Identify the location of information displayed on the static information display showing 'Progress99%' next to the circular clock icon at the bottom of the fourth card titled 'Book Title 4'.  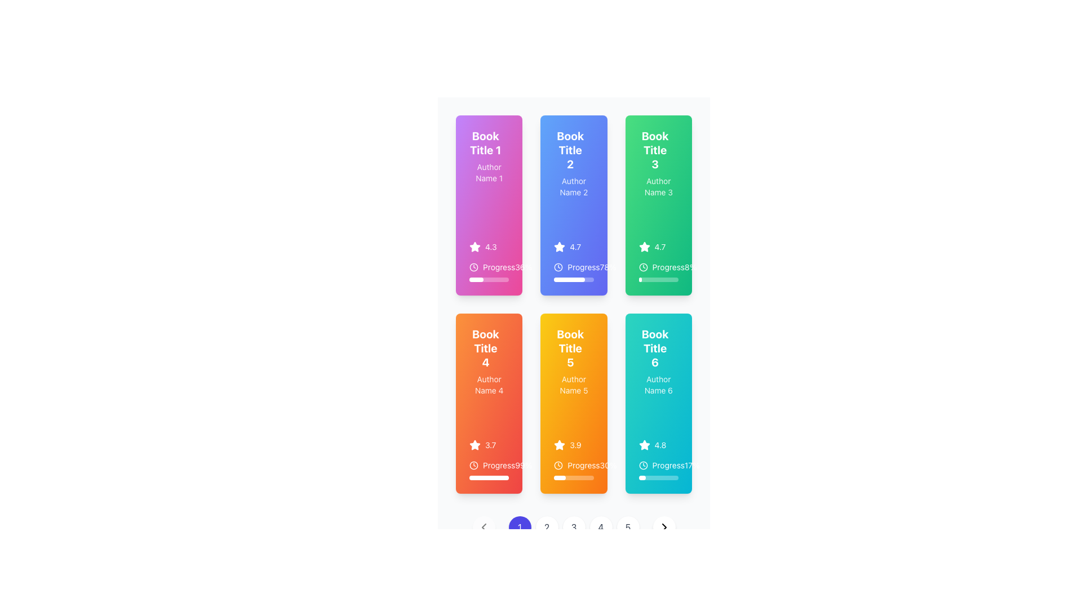
(489, 465).